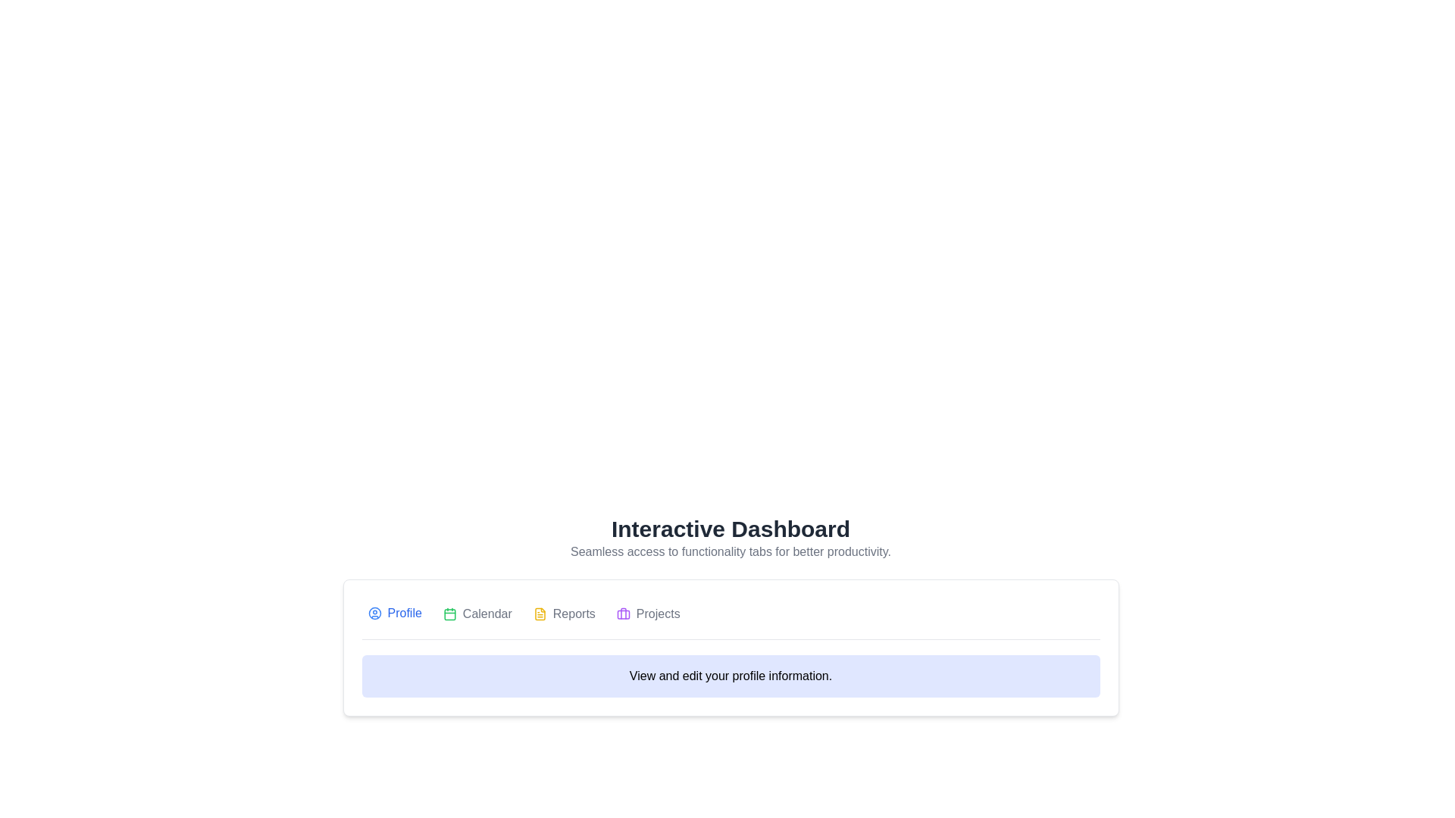 This screenshot has width=1455, height=818. Describe the element at coordinates (731, 547) in the screenshot. I see `the Text Display element which contains the bold title 'Interactive Dashboard' and the subtitle 'Seamless access to functionality tabs for better productivity.'` at that location.